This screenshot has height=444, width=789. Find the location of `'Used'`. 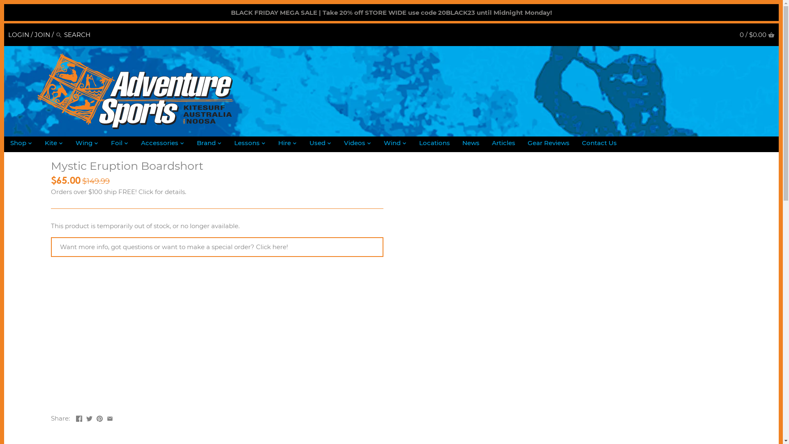

'Used' is located at coordinates (317, 144).